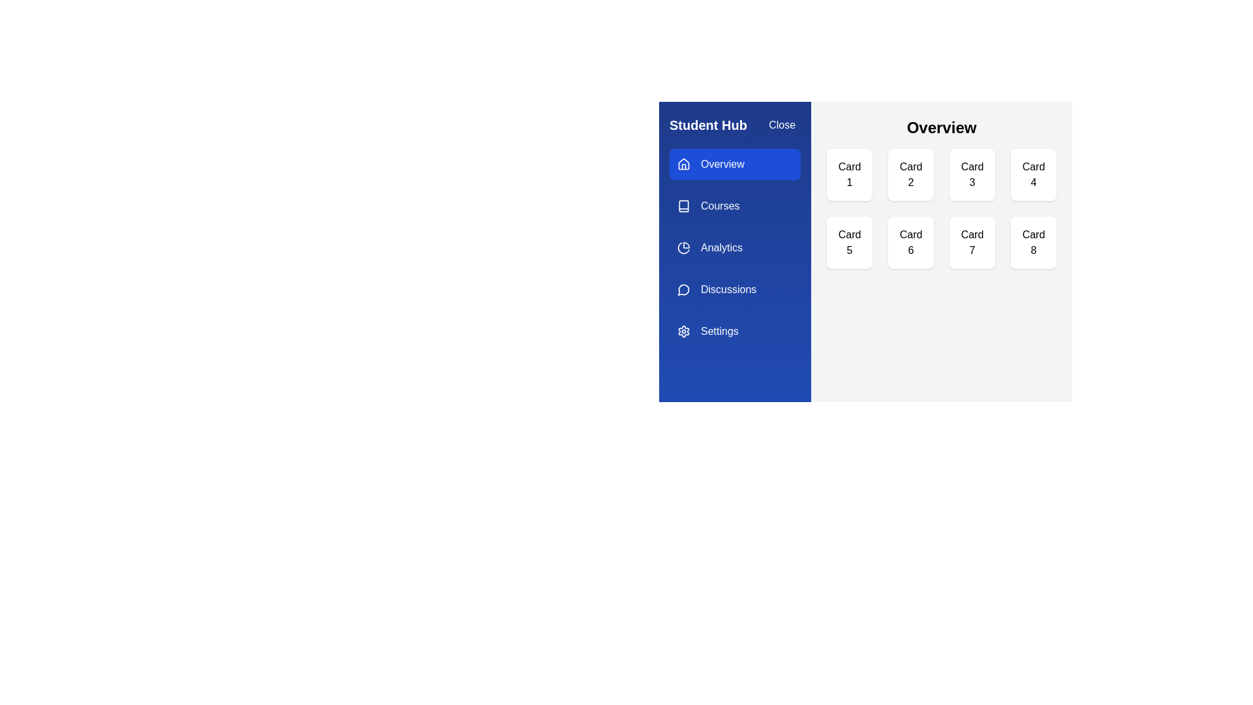 This screenshot has width=1253, height=705. Describe the element at coordinates (735, 289) in the screenshot. I see `the tab labeled Discussions to navigate to it` at that location.